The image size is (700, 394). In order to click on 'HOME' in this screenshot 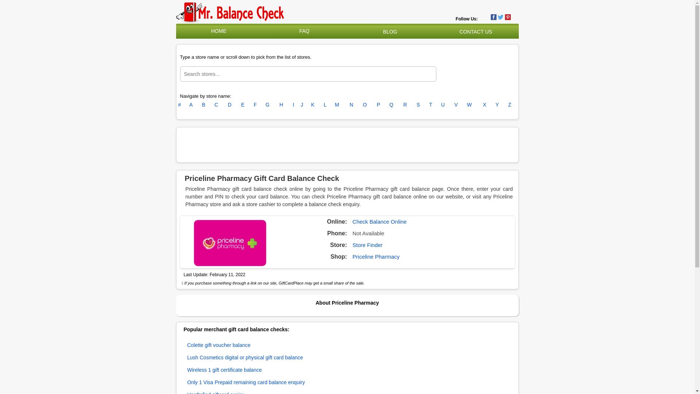, I will do `click(211, 30)`.